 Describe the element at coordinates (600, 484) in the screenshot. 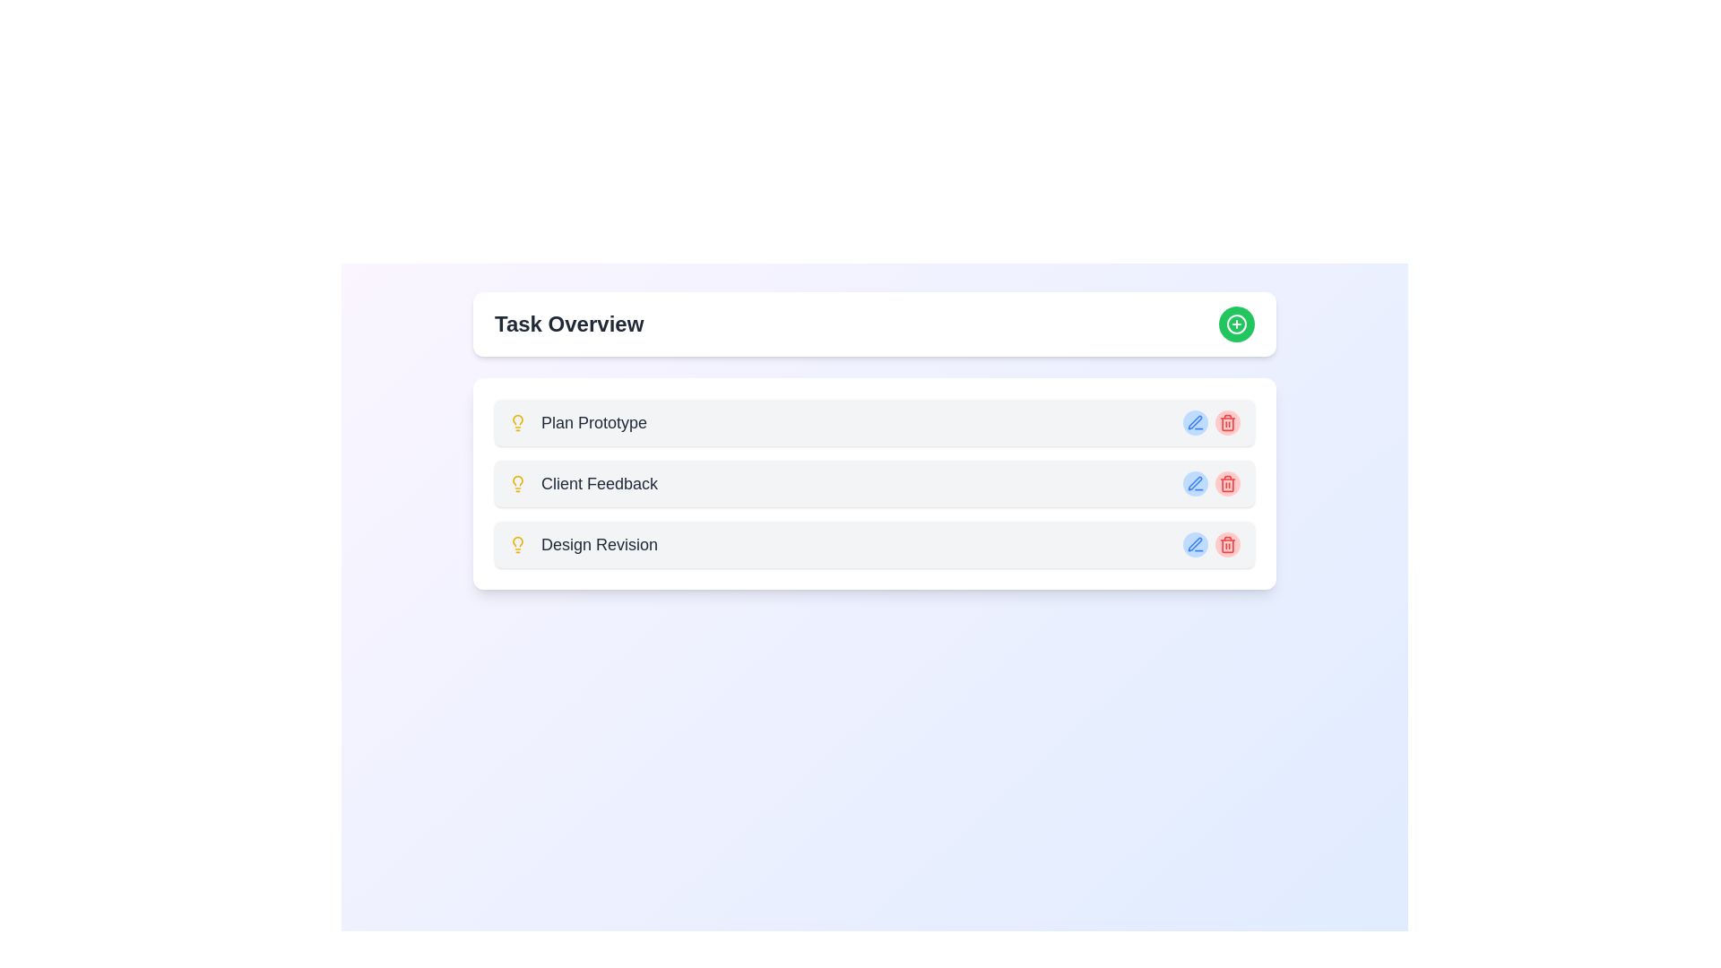

I see `the Text label that provides a descriptive title for a specific item in the list, positioned` at that location.